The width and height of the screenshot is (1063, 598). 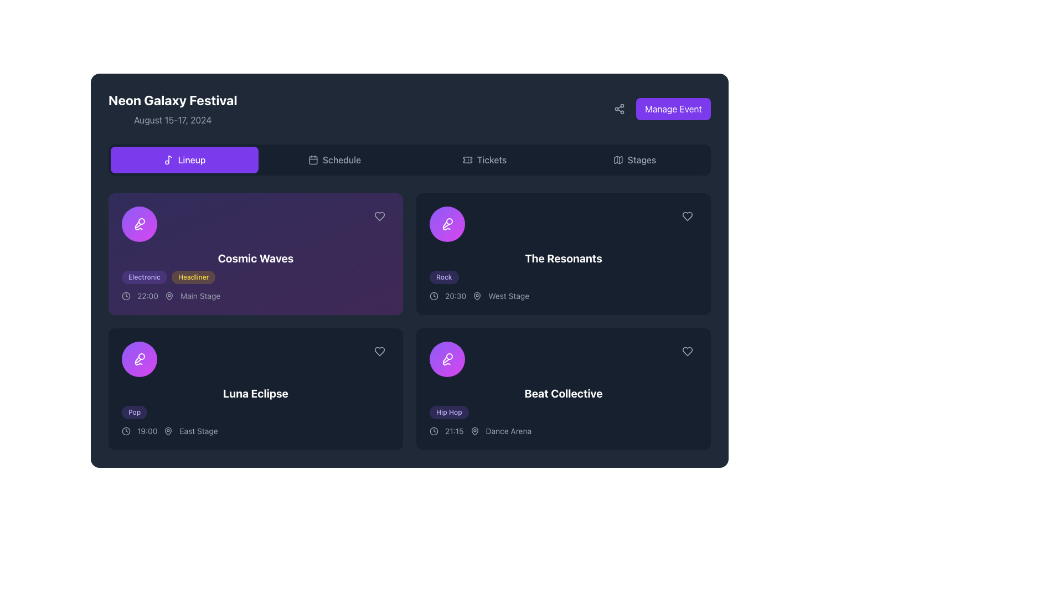 I want to click on the map pin icon located in the compact information card for the 'Beat Collective' item, positioned to the left of the card's title, so click(x=474, y=431).